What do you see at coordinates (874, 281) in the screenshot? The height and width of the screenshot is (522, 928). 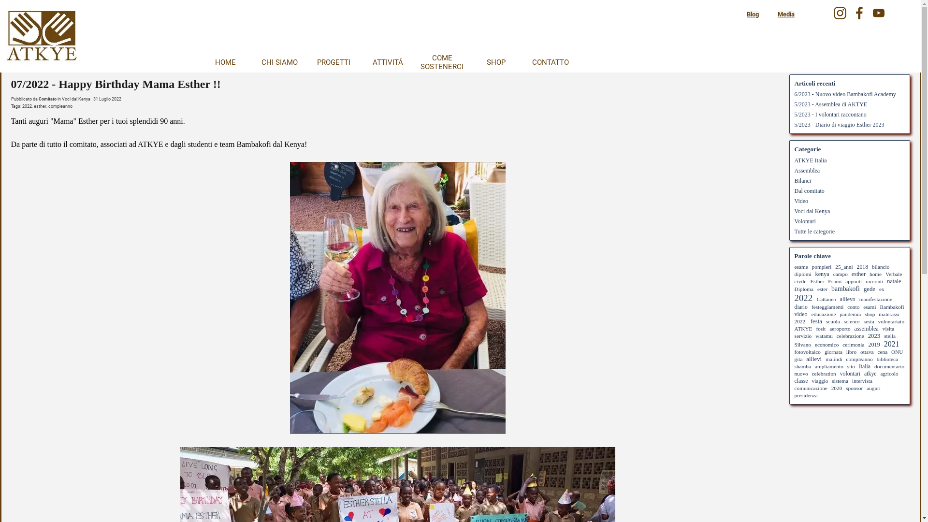 I see `'racconti'` at bounding box center [874, 281].